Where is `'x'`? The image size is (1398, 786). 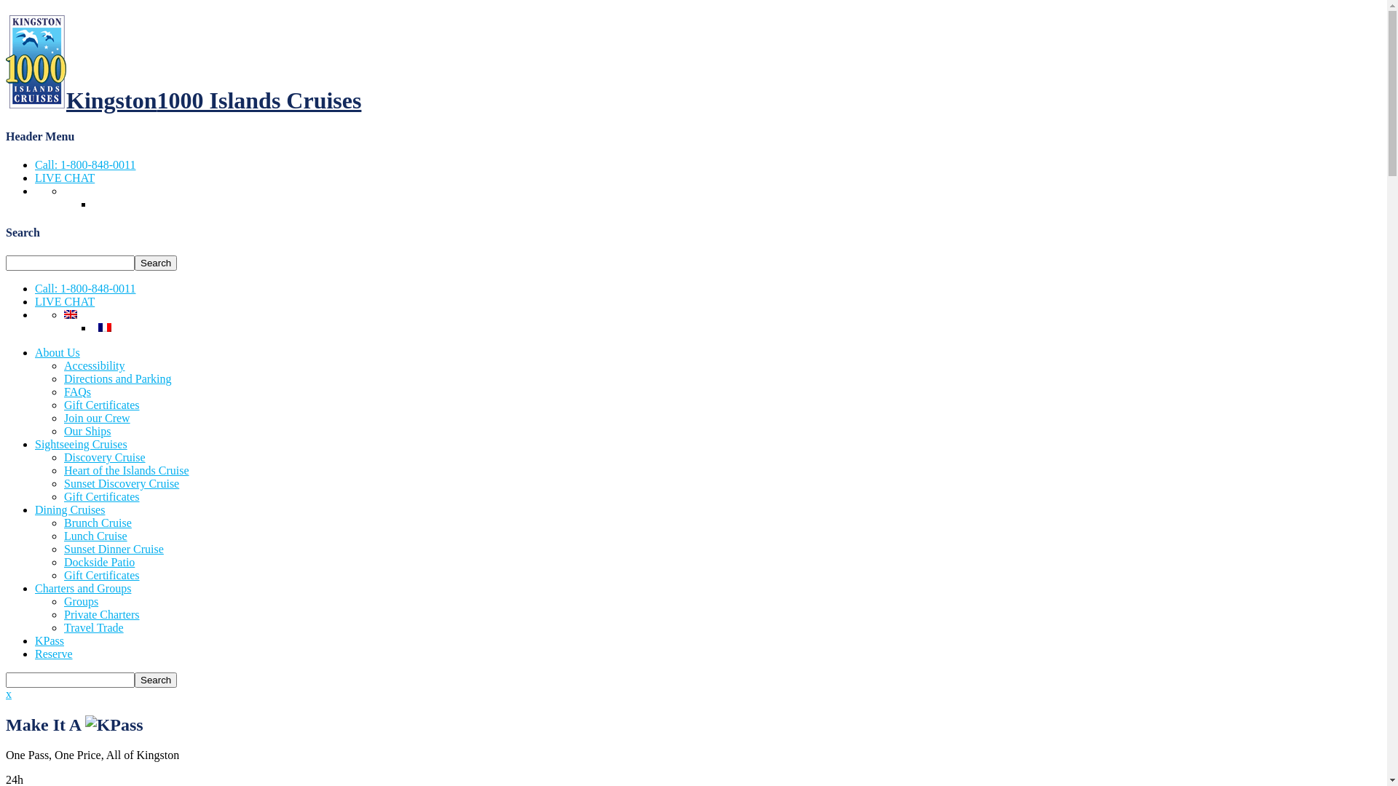
'x' is located at coordinates (9, 693).